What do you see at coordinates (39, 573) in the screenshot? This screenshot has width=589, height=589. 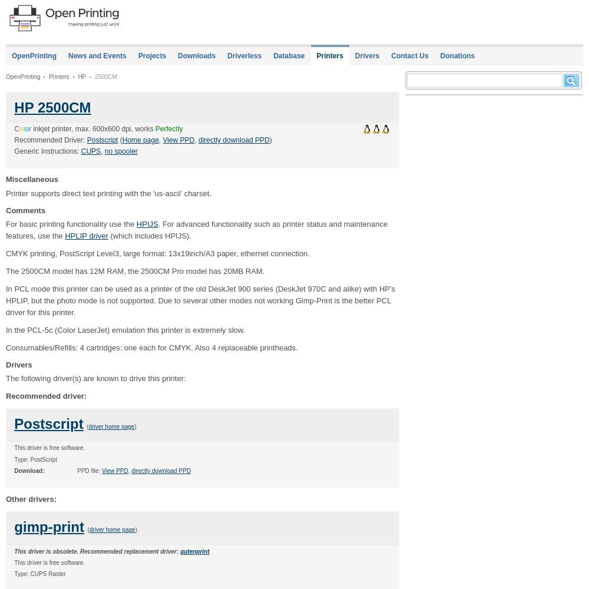 I see `'Type: CUPS Raster'` at bounding box center [39, 573].